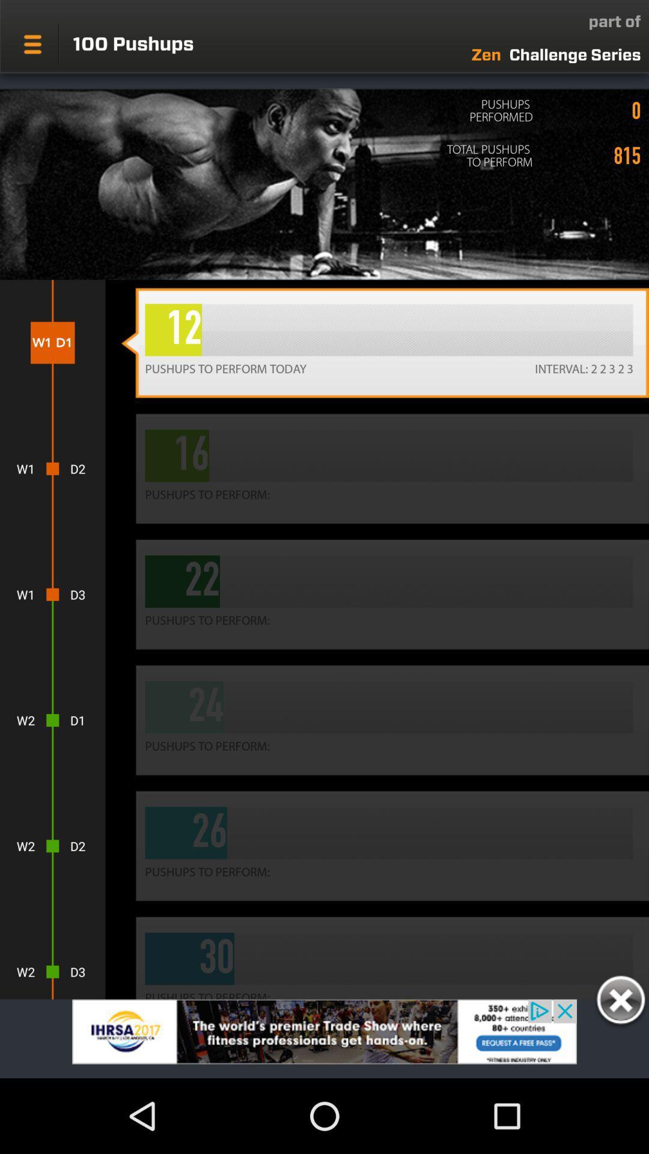 Image resolution: width=649 pixels, height=1154 pixels. Describe the element at coordinates (324, 1038) in the screenshot. I see `advertisement page` at that location.